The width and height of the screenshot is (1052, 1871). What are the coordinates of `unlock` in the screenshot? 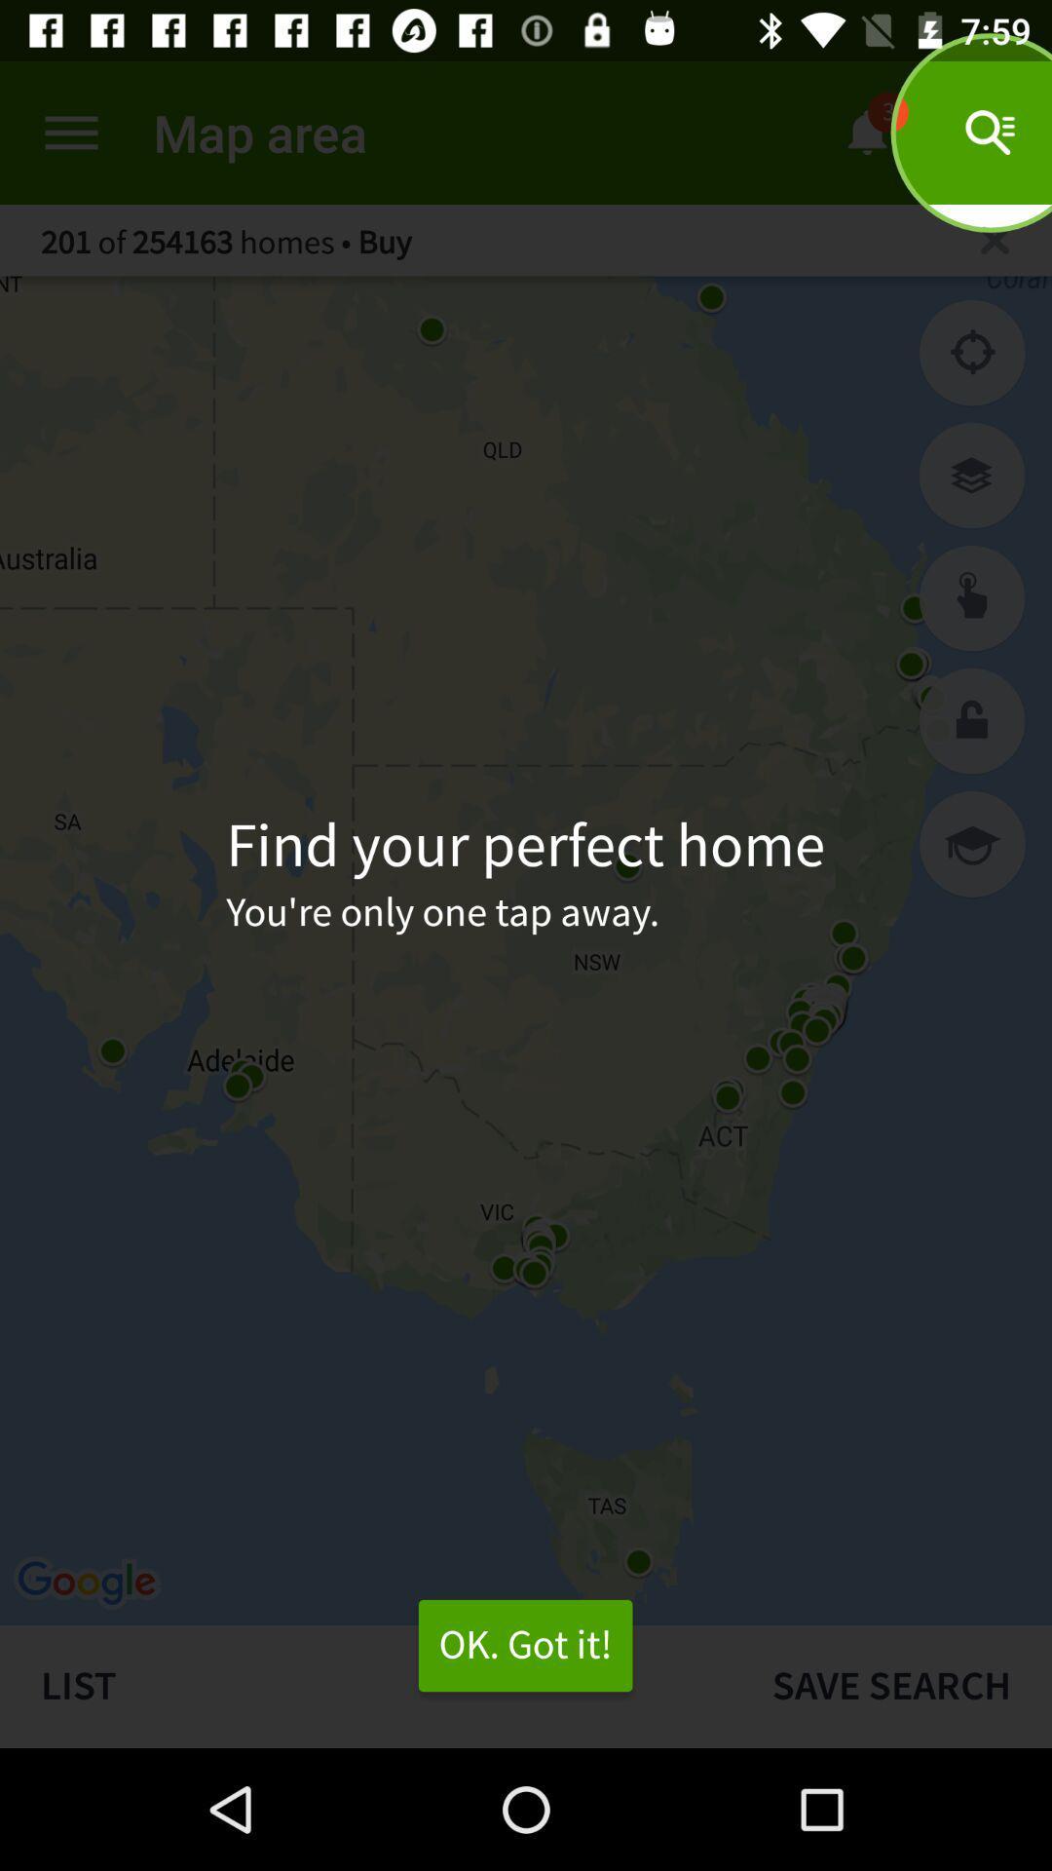 It's located at (972, 720).